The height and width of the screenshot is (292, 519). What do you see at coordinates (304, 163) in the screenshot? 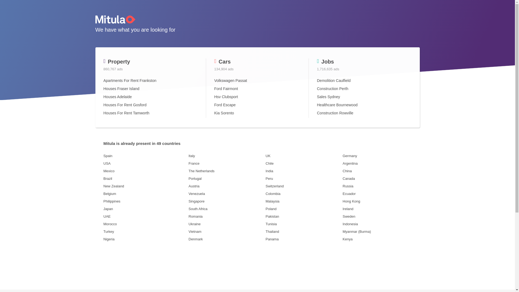
I see `'Chile'` at bounding box center [304, 163].